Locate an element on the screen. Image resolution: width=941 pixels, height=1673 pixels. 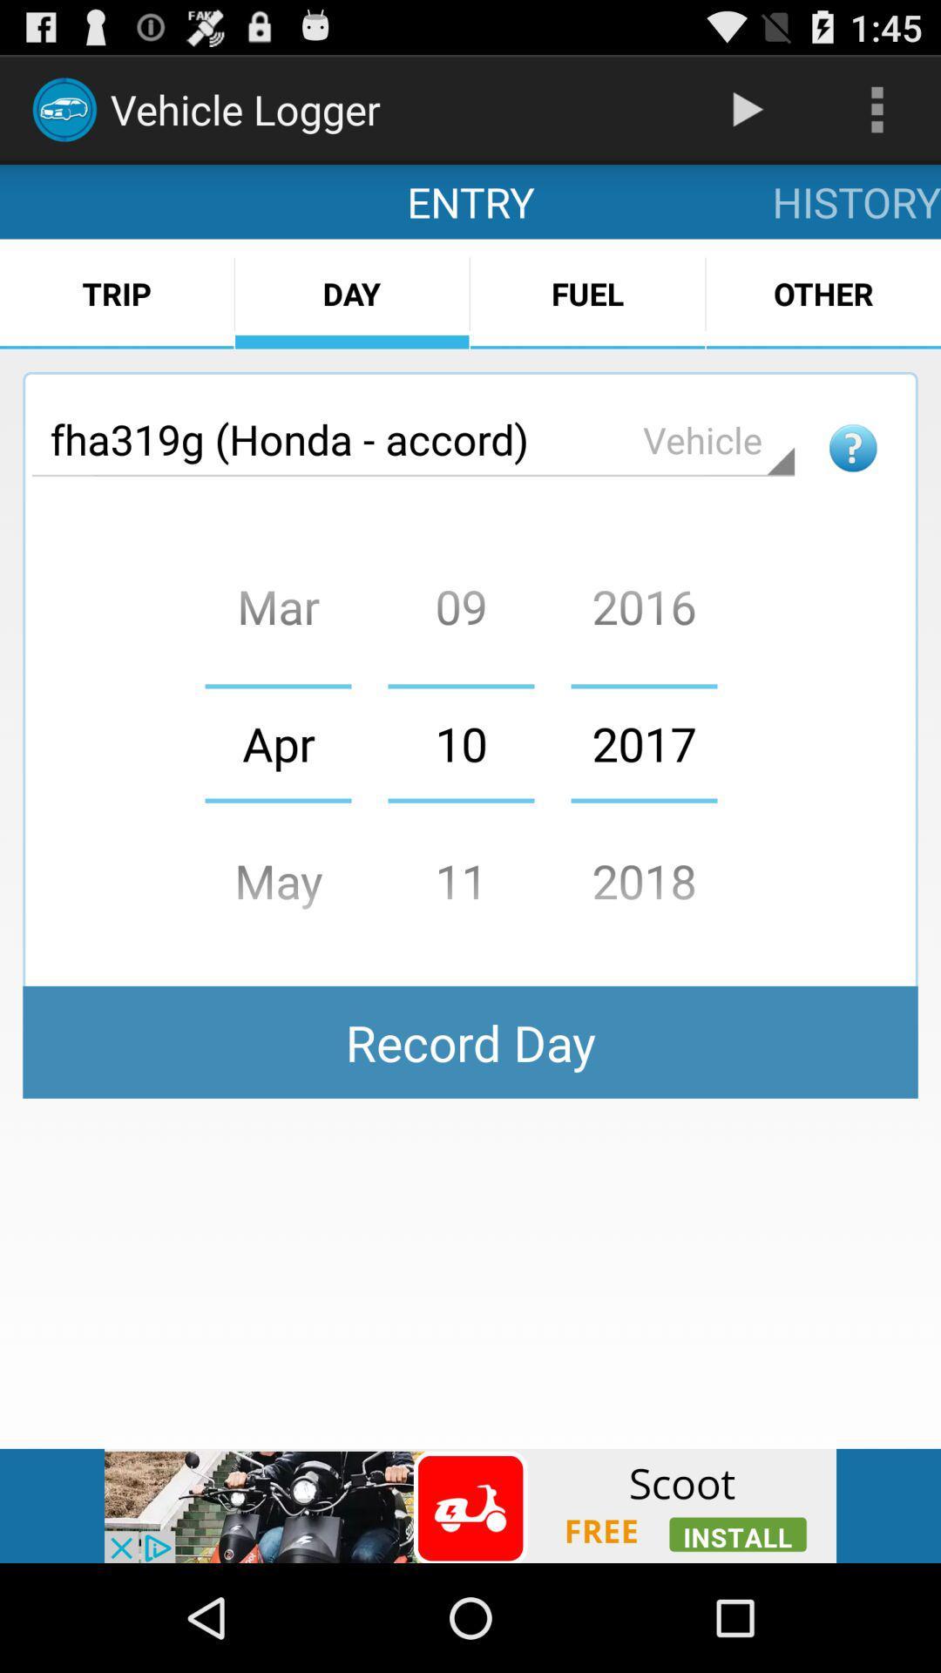
the help icon is located at coordinates (852, 479).